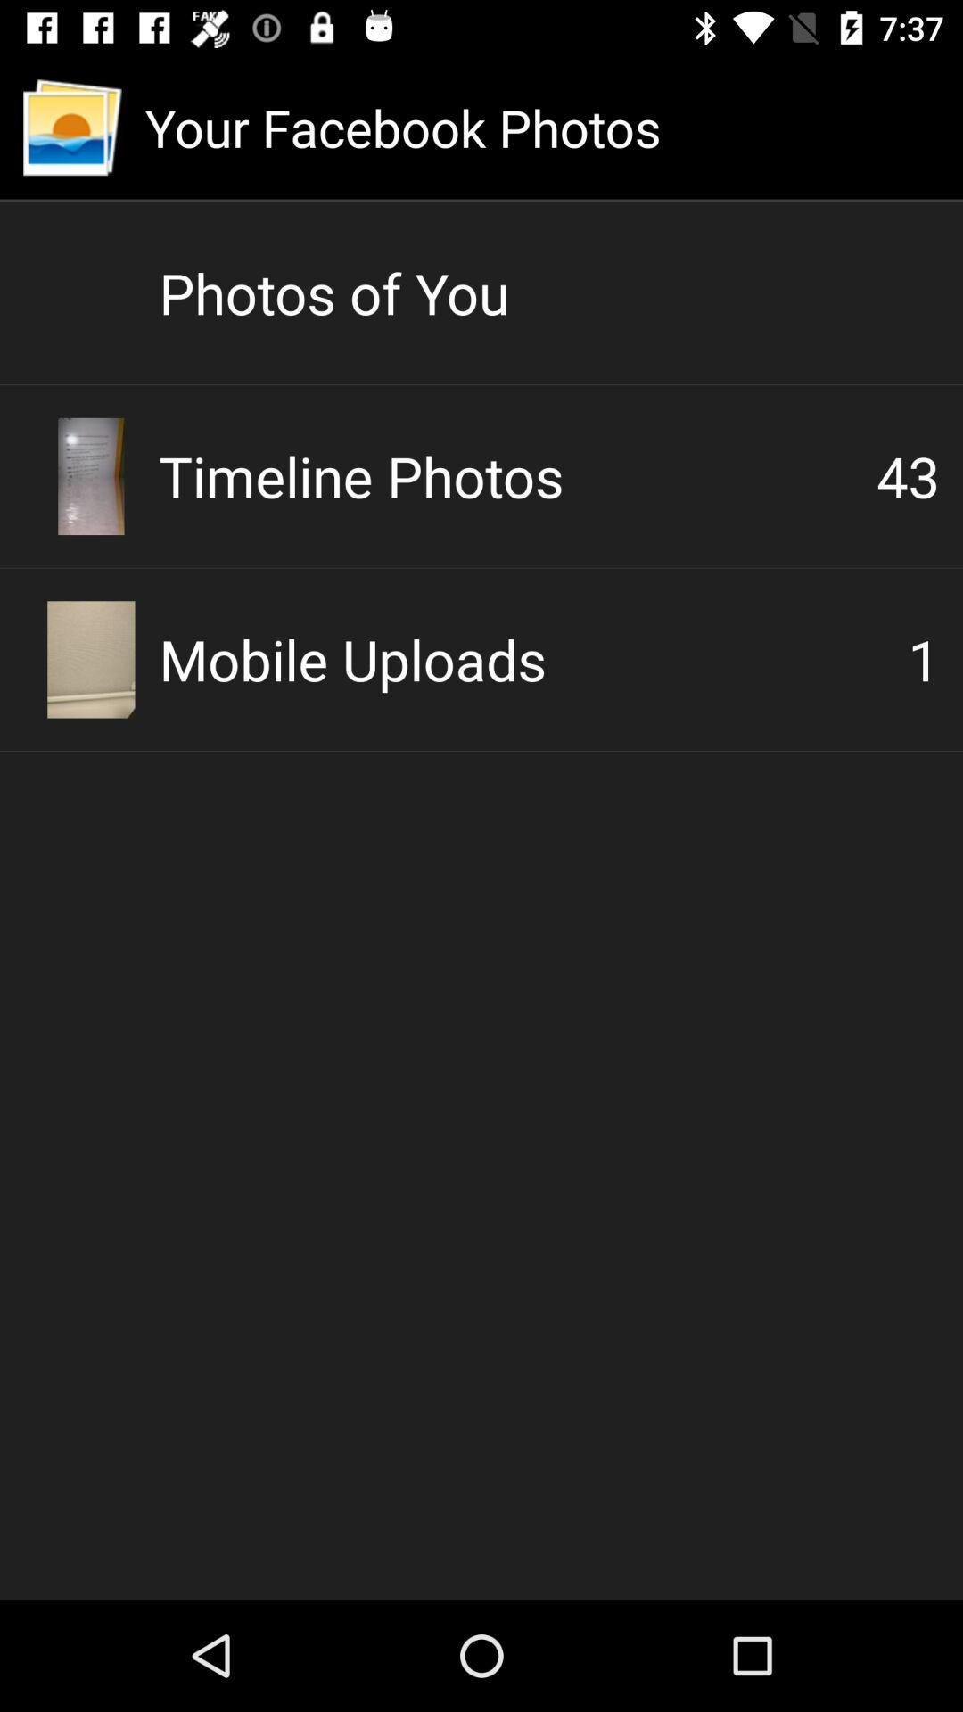 The height and width of the screenshot is (1712, 963). I want to click on the icon above the mobile uploads icon, so click(908, 475).